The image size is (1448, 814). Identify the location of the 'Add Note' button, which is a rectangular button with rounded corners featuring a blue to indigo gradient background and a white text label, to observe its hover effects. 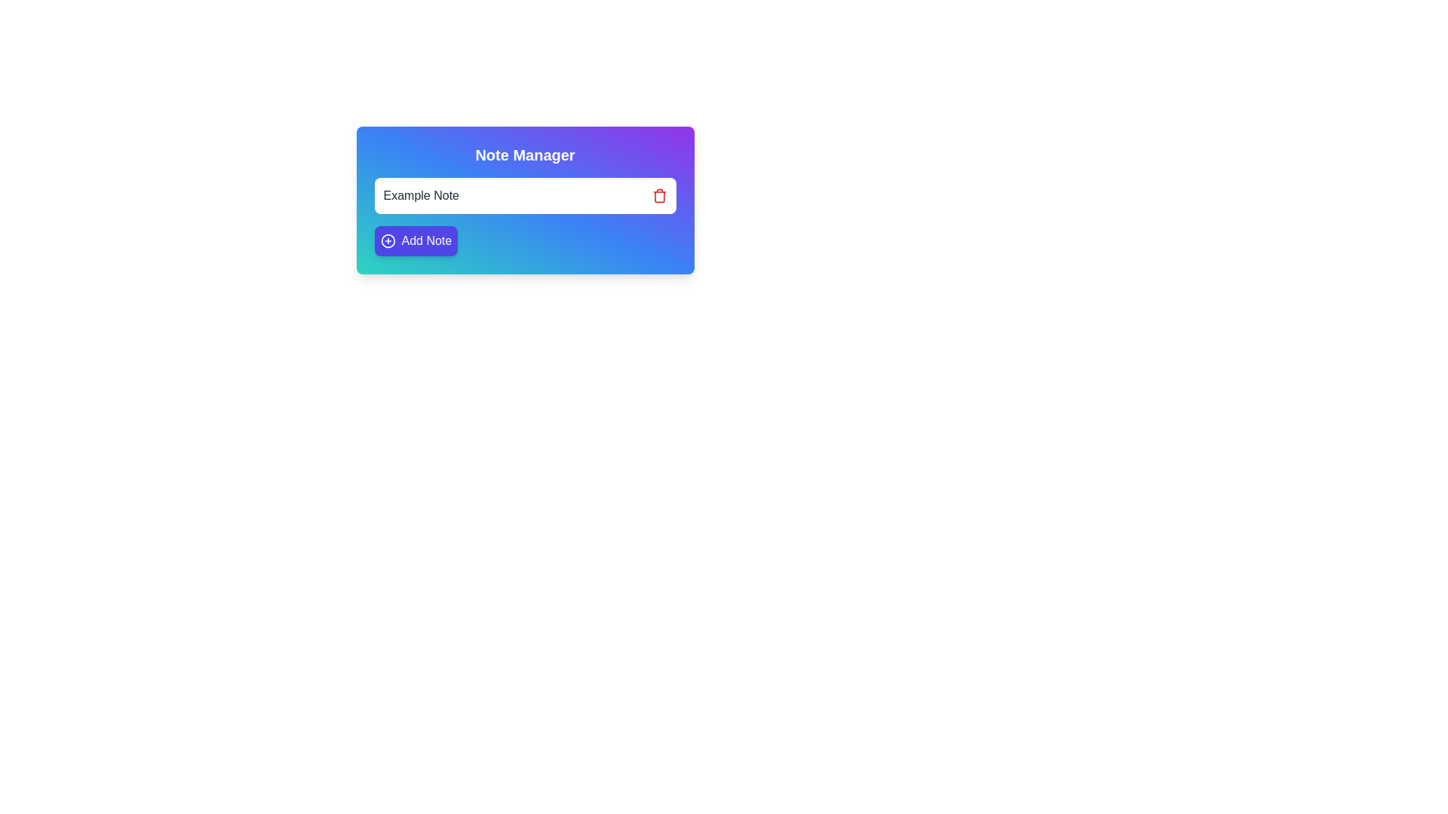
(416, 240).